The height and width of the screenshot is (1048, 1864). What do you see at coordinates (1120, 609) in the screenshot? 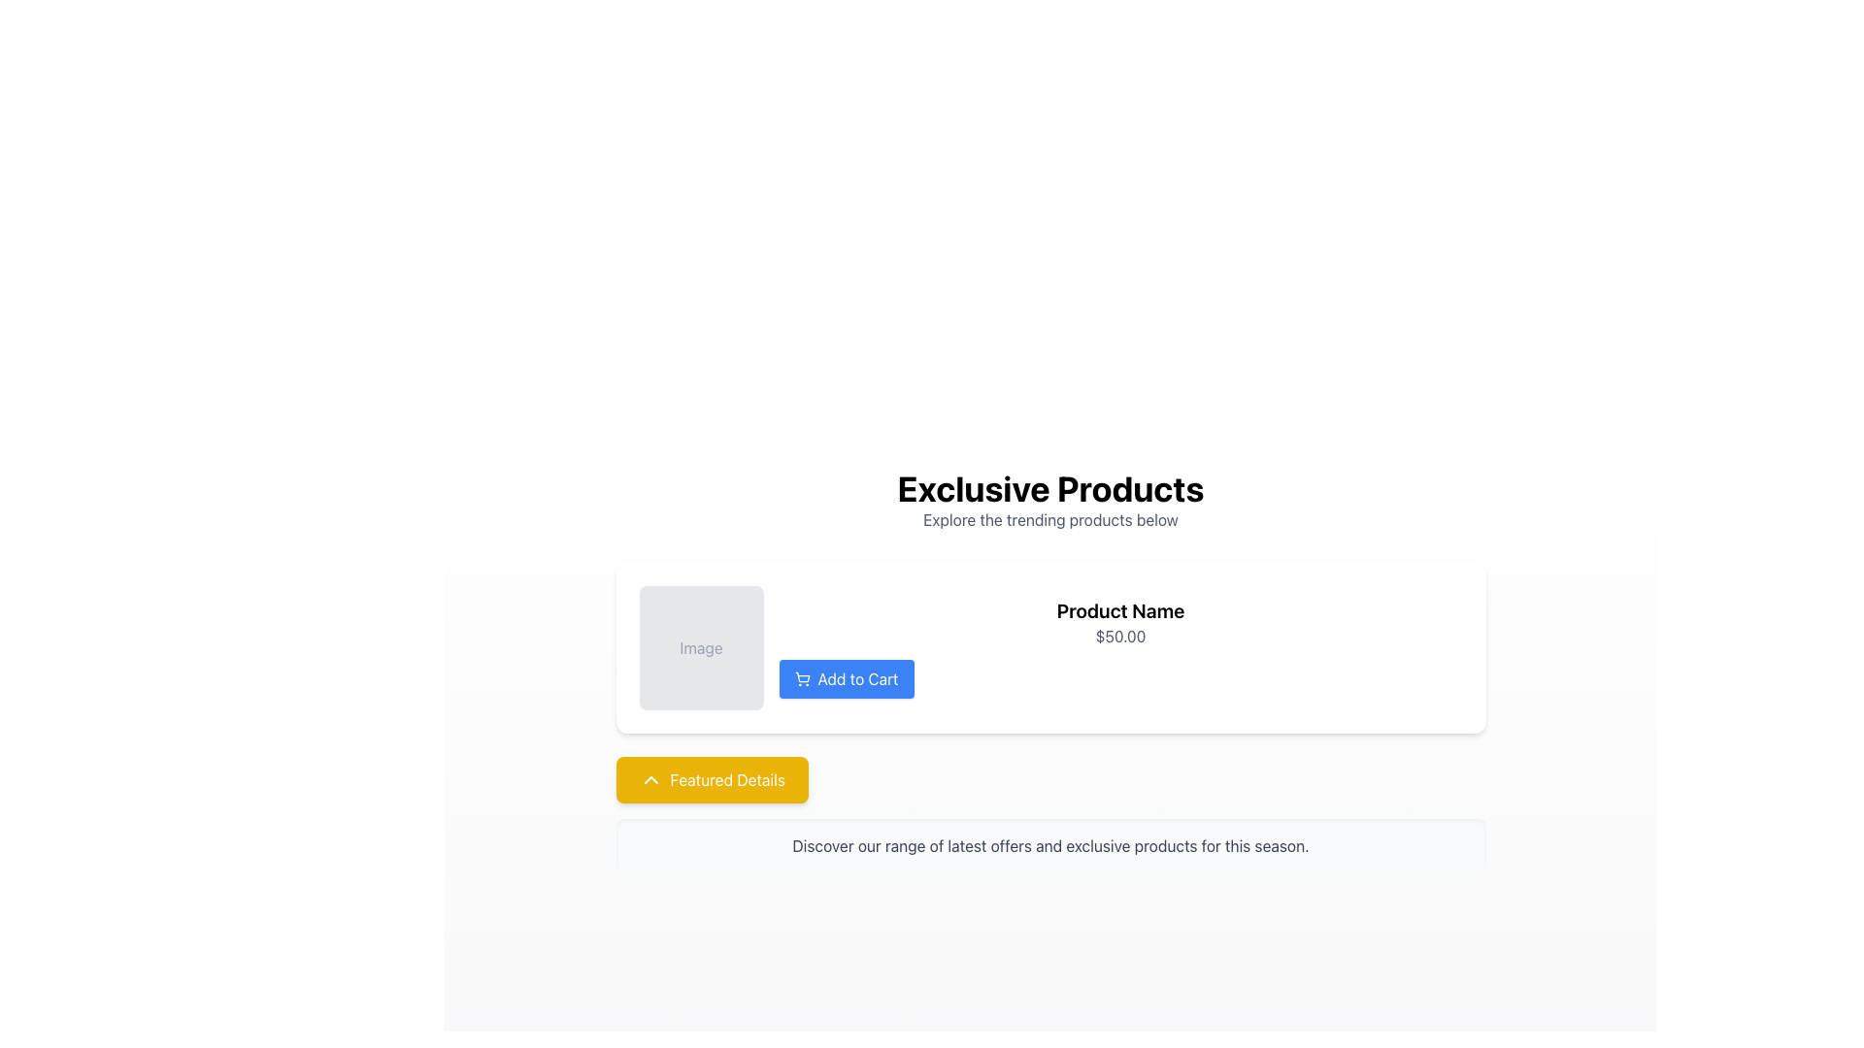
I see `the product name text label to copy it, which is prominently displayed above the price and 'Add to Cart' button, located at the center of the card` at bounding box center [1120, 609].